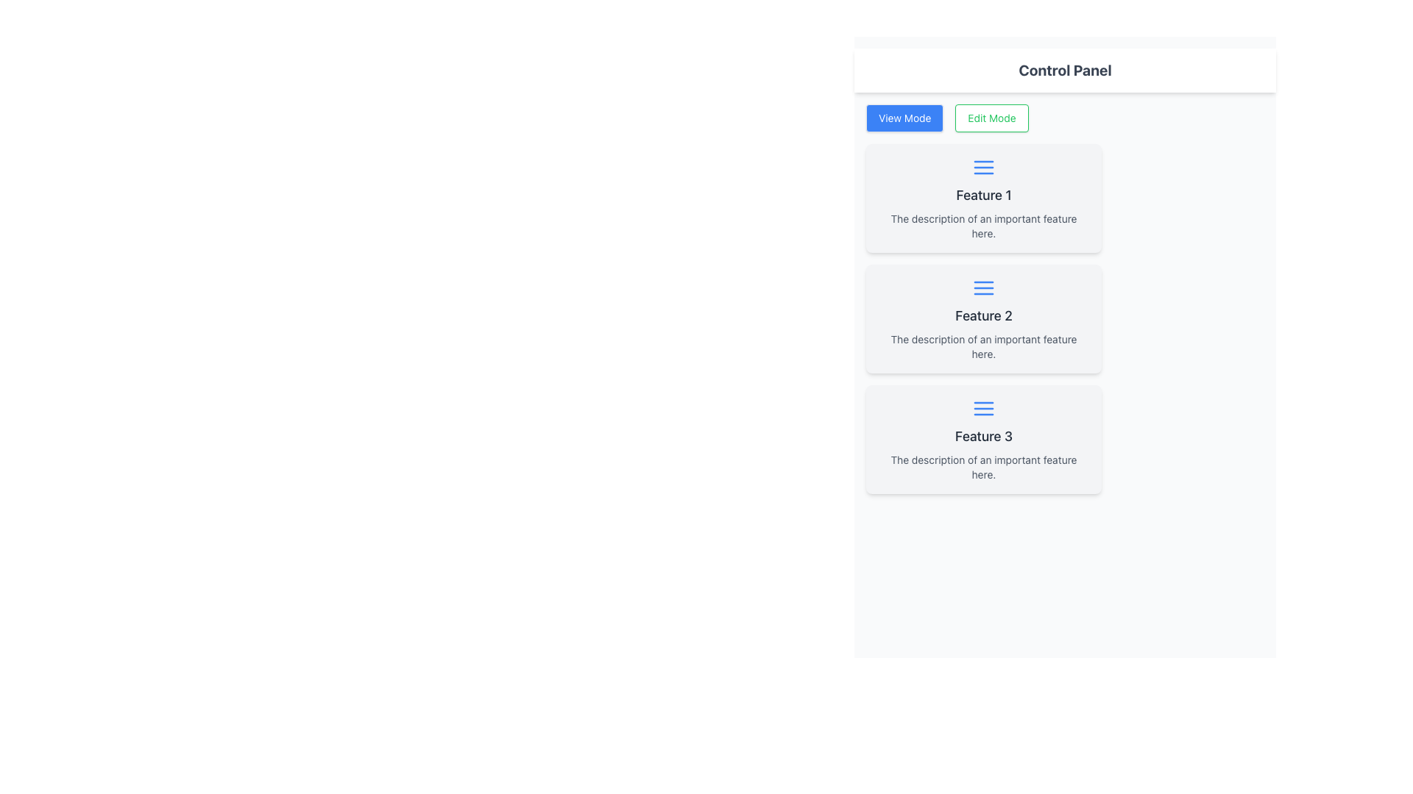 The width and height of the screenshot is (1413, 794). I want to click on the header text element that indicates the current application area, centrally located at the top of the interface, so click(1065, 71).